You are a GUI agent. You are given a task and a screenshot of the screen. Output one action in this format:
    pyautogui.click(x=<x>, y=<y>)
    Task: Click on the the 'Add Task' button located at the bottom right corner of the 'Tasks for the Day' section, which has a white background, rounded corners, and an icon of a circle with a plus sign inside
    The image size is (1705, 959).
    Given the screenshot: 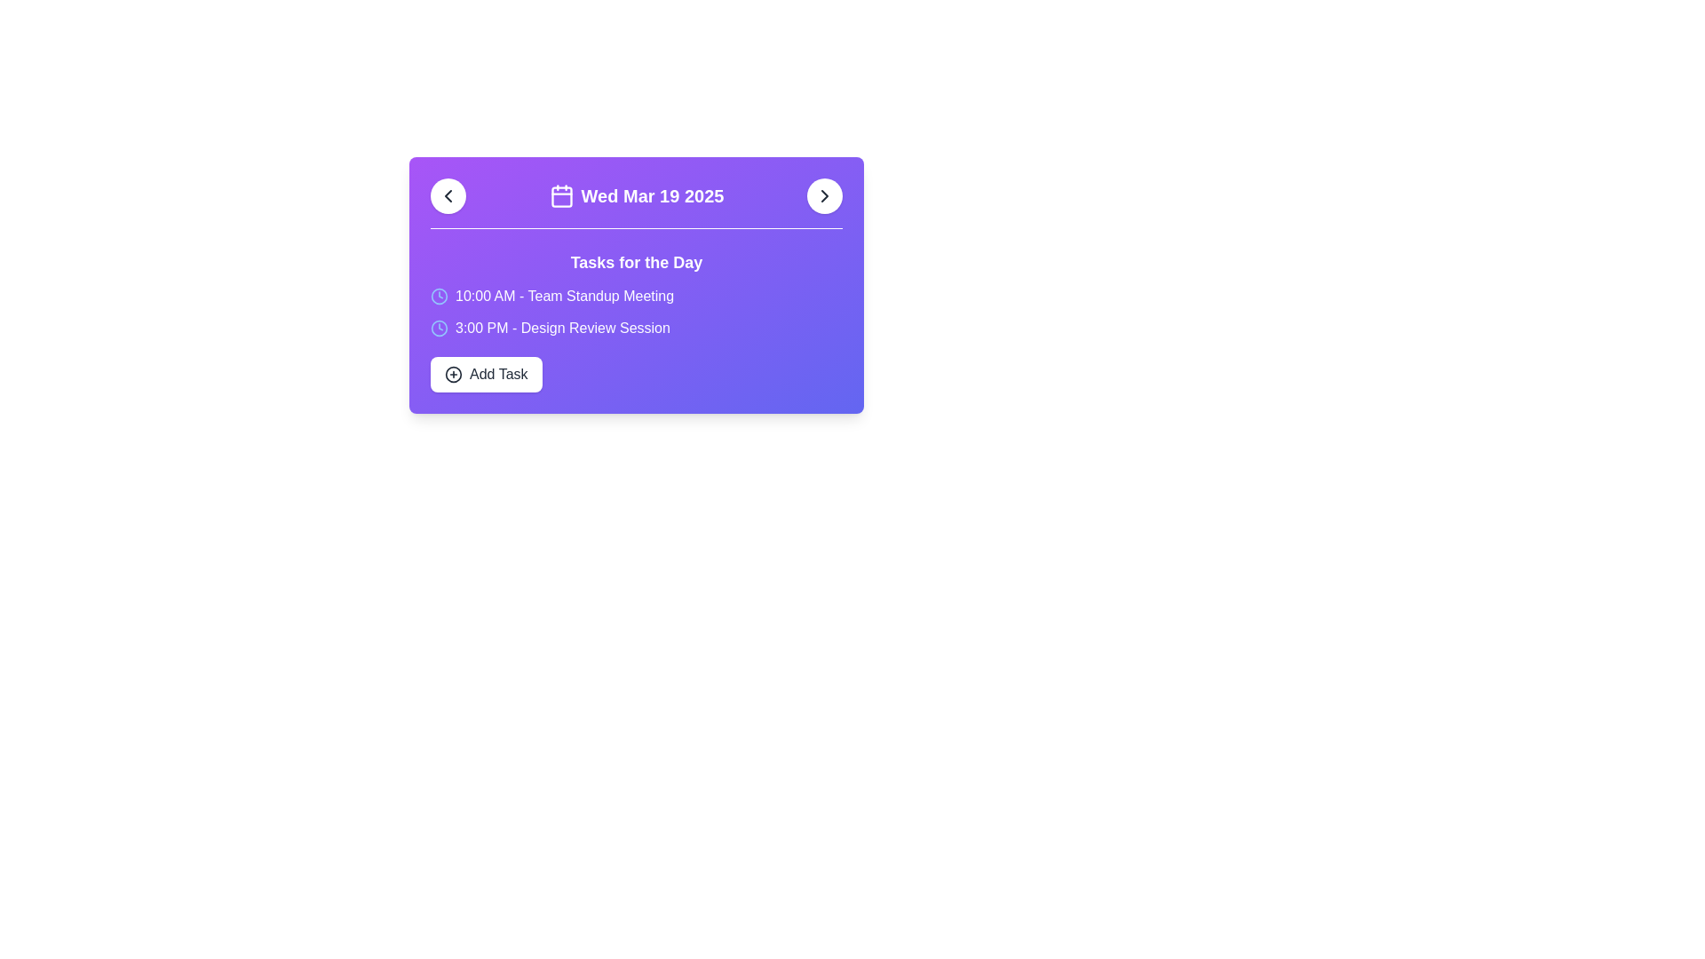 What is the action you would take?
    pyautogui.click(x=486, y=373)
    